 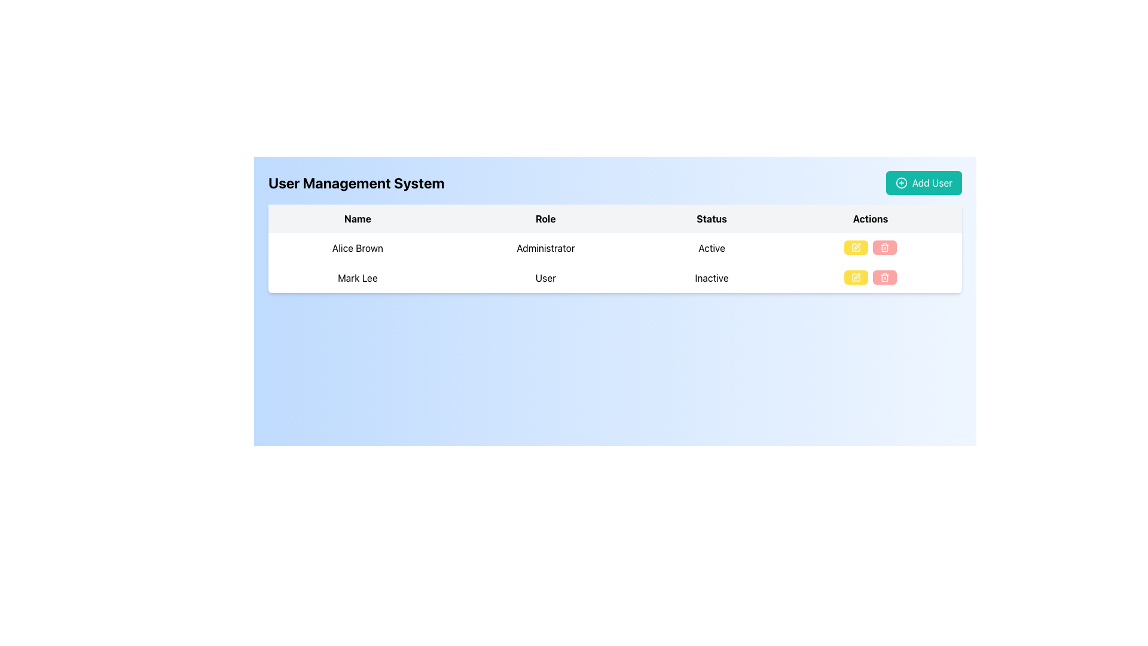 I want to click on the SVG icon representing an 'edit' function within the Action Button for Mark Lee, located in the Actions column of the table, so click(x=855, y=246).